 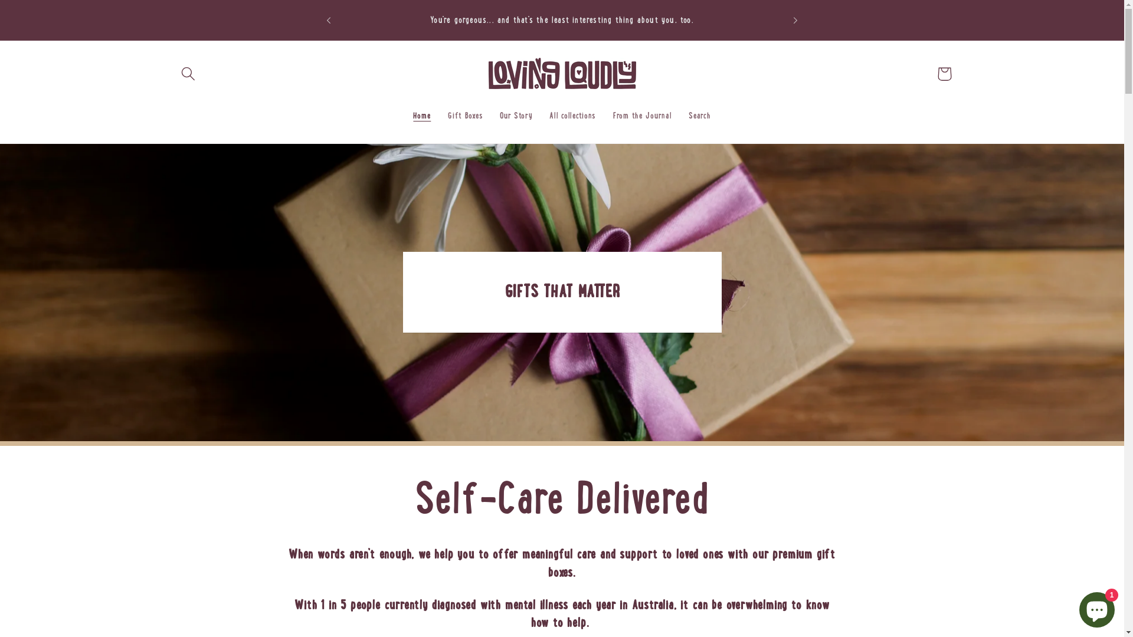 What do you see at coordinates (422, 116) in the screenshot?
I see `'Home'` at bounding box center [422, 116].